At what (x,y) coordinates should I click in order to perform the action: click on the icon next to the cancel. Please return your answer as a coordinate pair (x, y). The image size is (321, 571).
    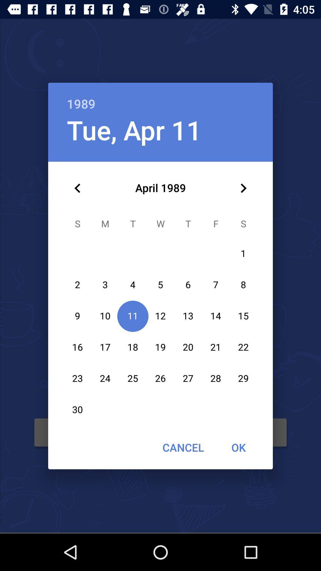
    Looking at the image, I should click on (238, 447).